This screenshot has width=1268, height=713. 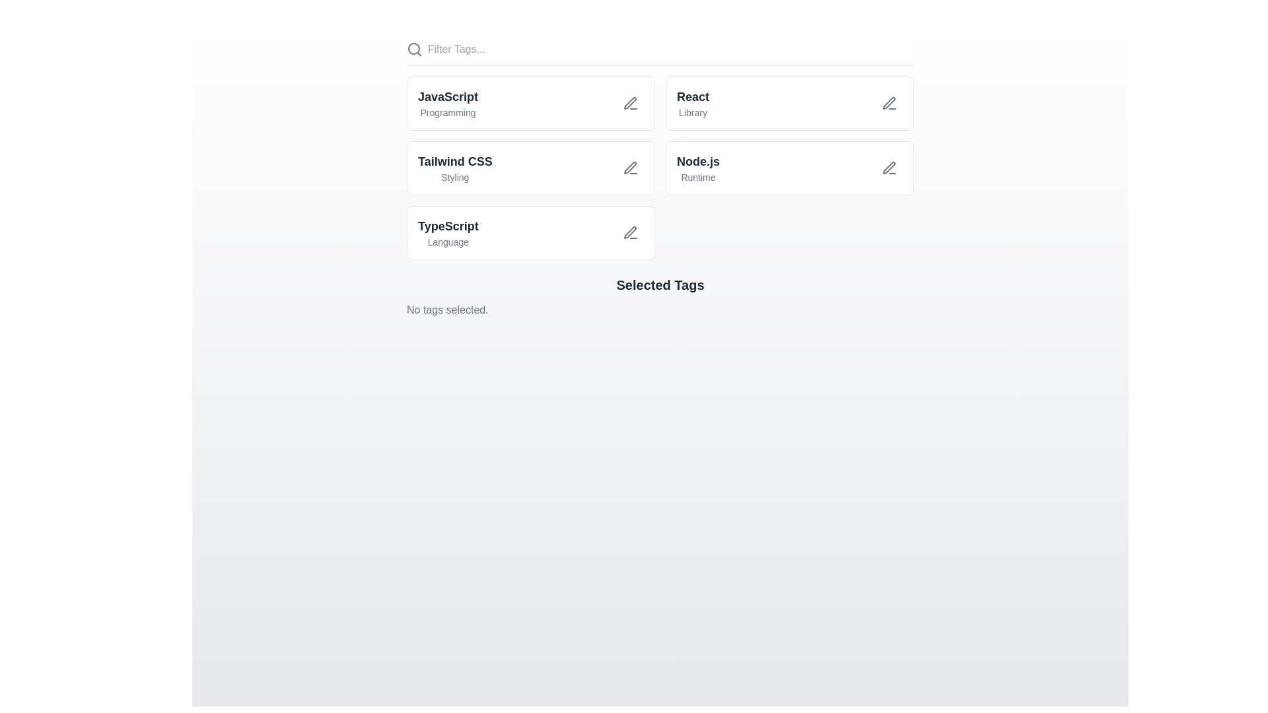 I want to click on the informational display area that shows currently selected tags, which is located below the grid of tag buttons and displays 'No tags selected.' if no tags are selected, so click(x=660, y=297).